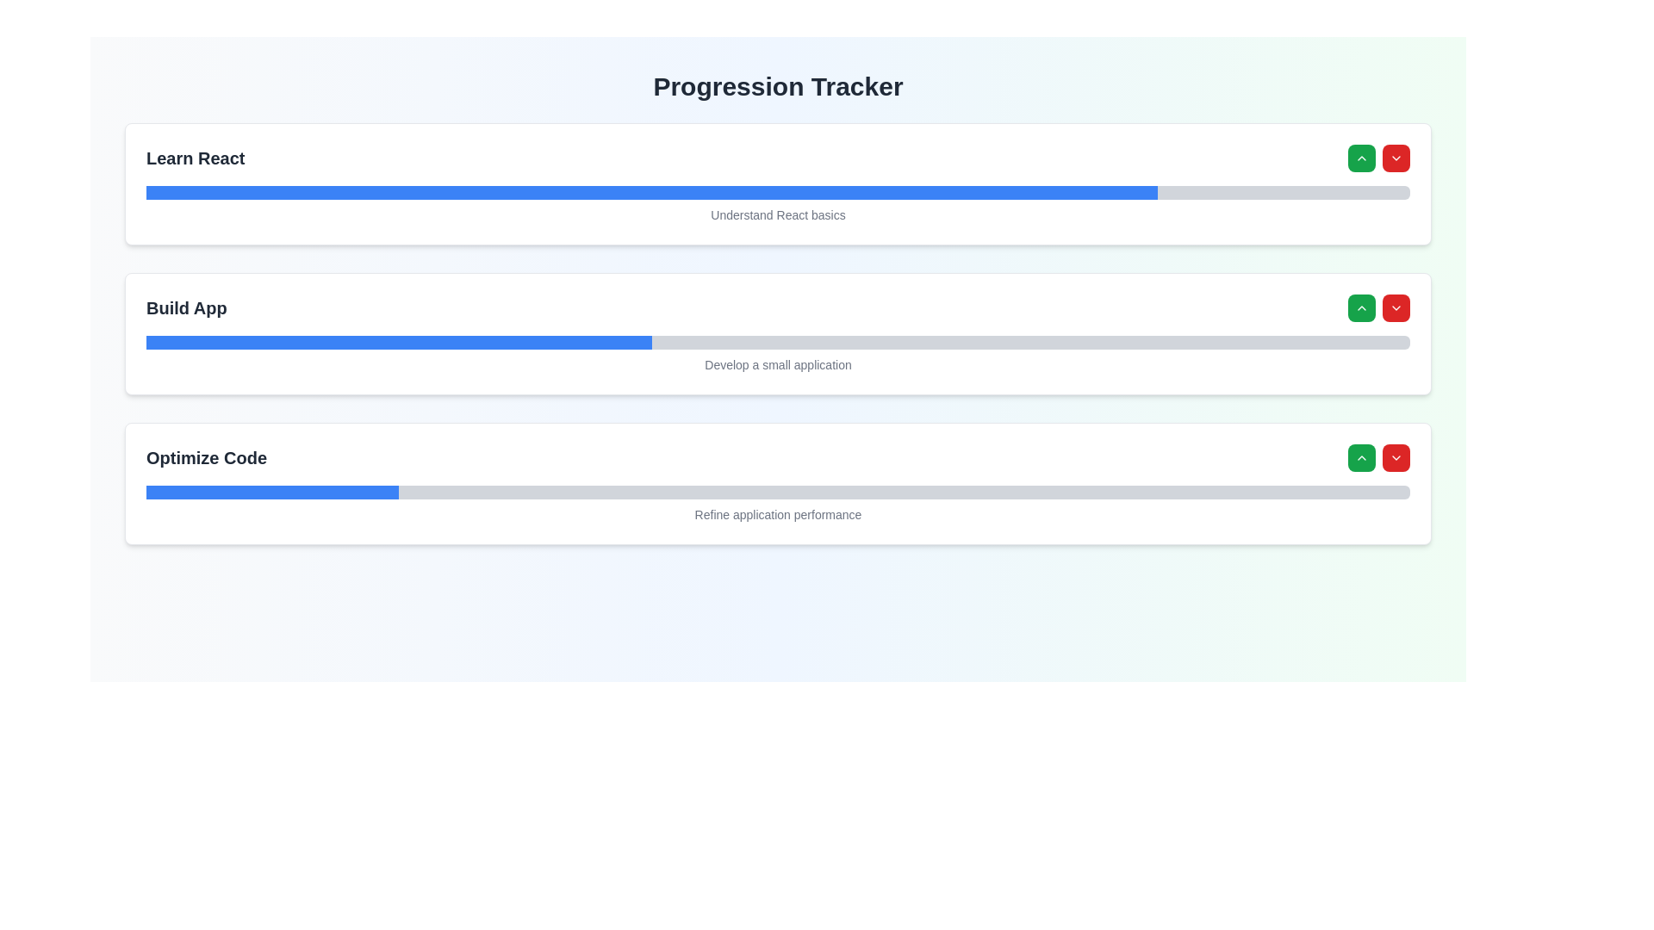 This screenshot has width=1654, height=930. Describe the element at coordinates (1360, 457) in the screenshot. I see `the green button located at the far-right end of the 'Optimize Code' section's progress bar` at that location.